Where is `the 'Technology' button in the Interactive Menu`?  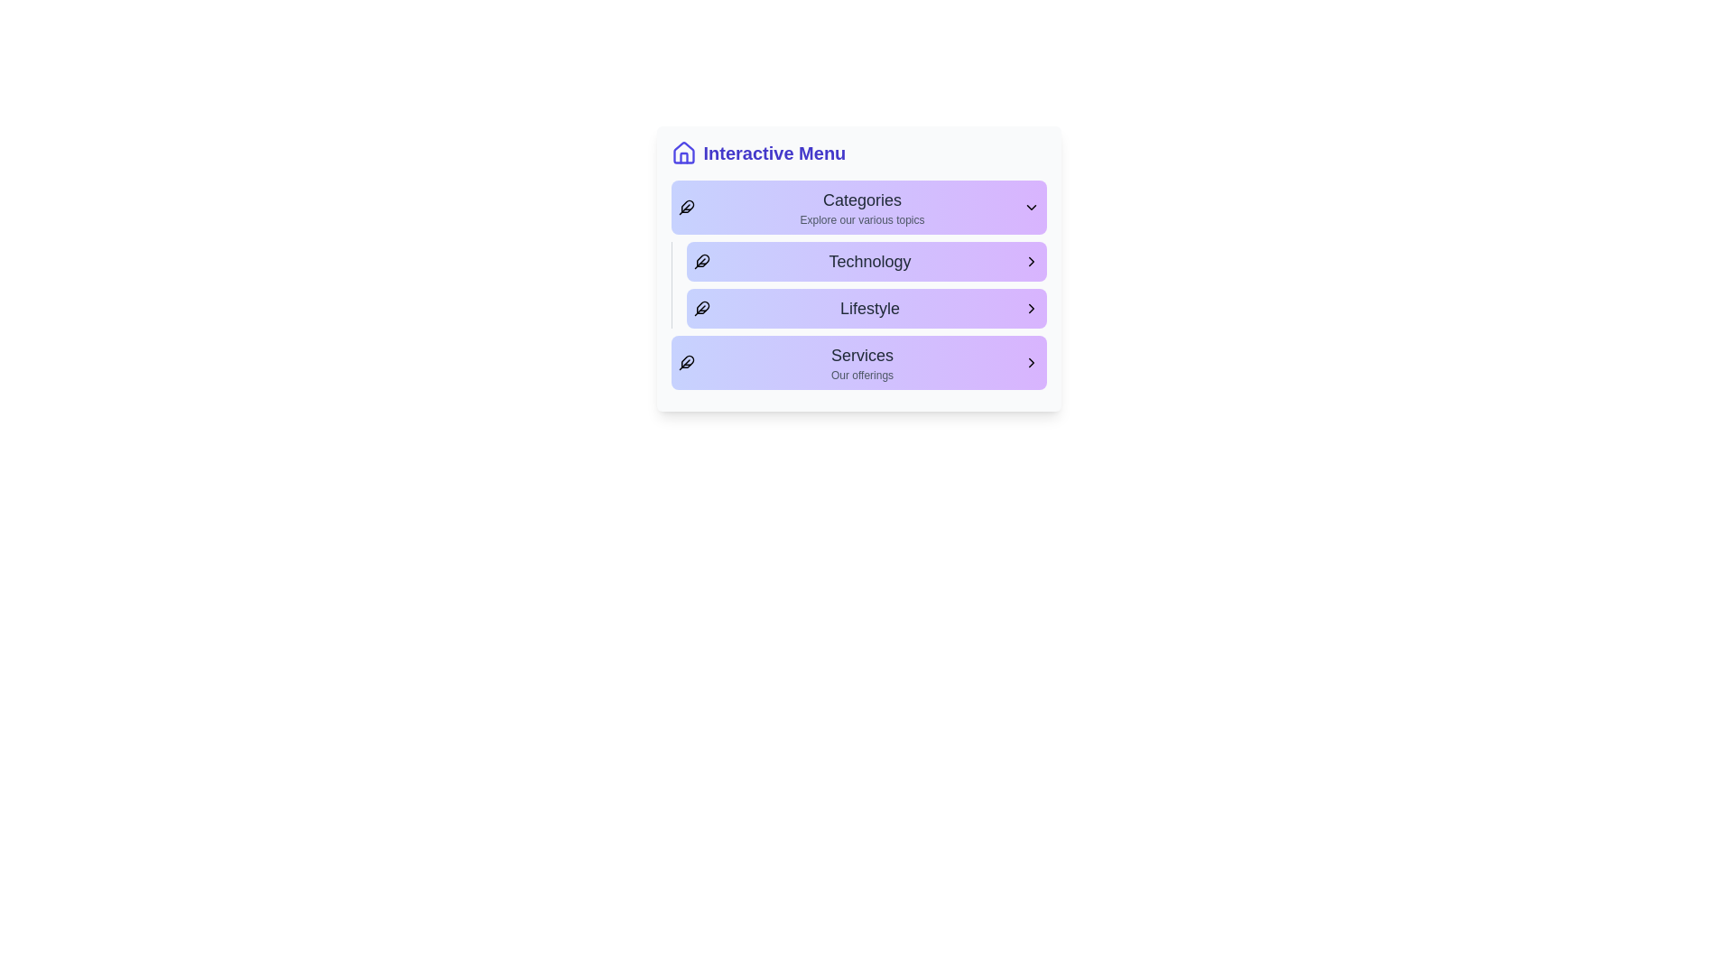
the 'Technology' button in the Interactive Menu is located at coordinates (857, 268).